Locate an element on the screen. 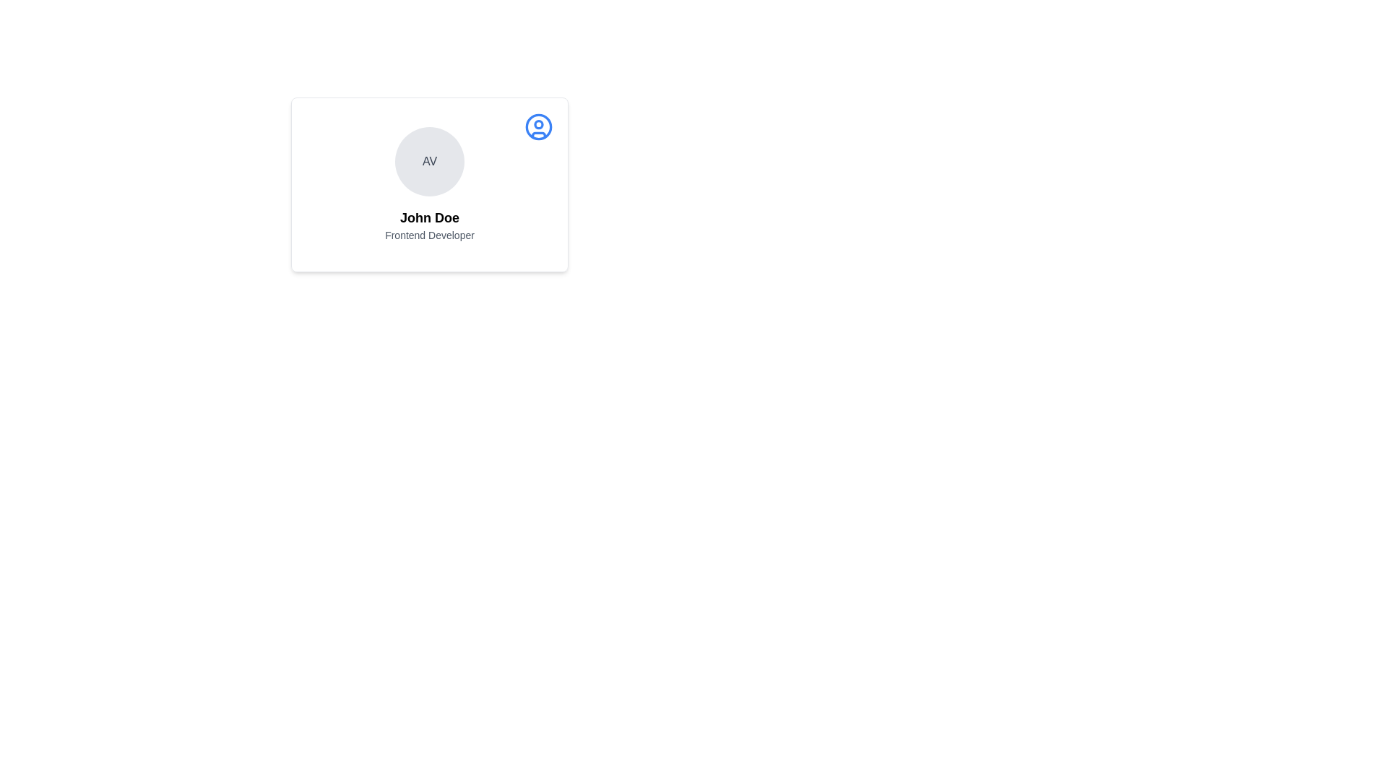 This screenshot has width=1387, height=780. SVG Circle element with a blue outline and white inner area located in the user profile icon near the upper-right corner of the card containing 'John Doe' and 'Frontend Developer' by using developer tools is located at coordinates (537, 126).